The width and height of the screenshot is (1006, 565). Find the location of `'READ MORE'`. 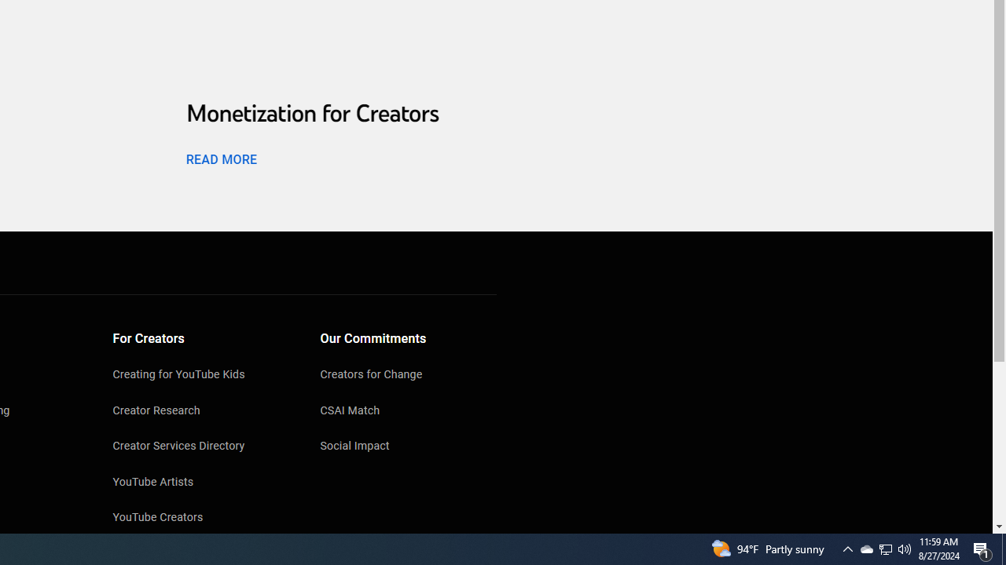

'READ MORE' is located at coordinates (220, 159).